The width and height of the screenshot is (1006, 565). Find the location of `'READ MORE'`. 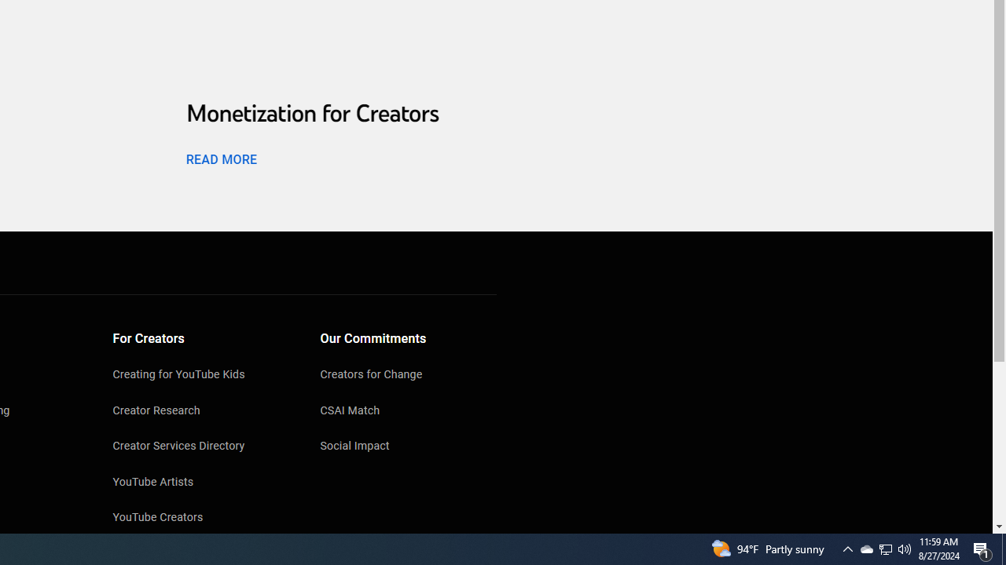

'READ MORE' is located at coordinates (220, 159).